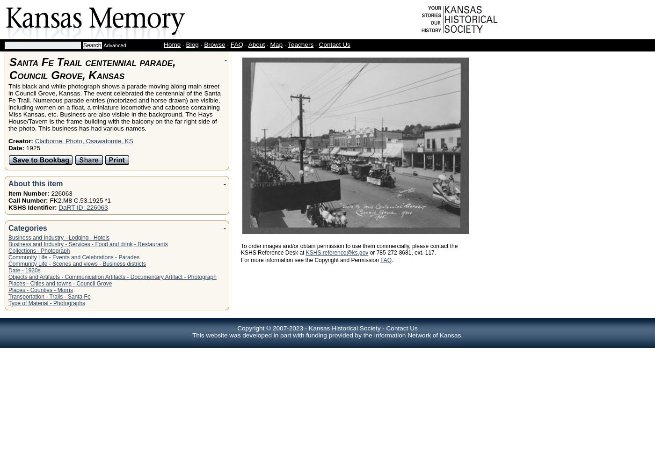  Describe the element at coordinates (383, 328) in the screenshot. I see `'-'` at that location.